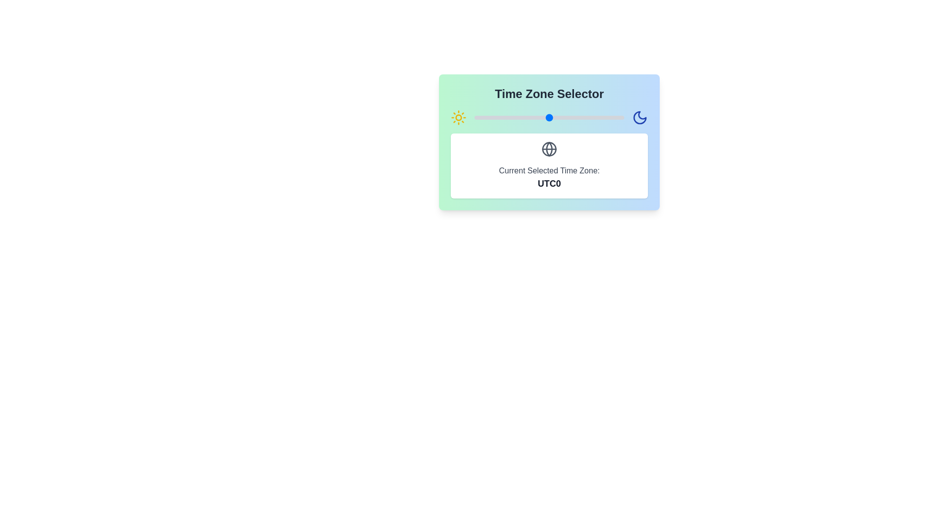  I want to click on the time zone offset, so click(492, 117).